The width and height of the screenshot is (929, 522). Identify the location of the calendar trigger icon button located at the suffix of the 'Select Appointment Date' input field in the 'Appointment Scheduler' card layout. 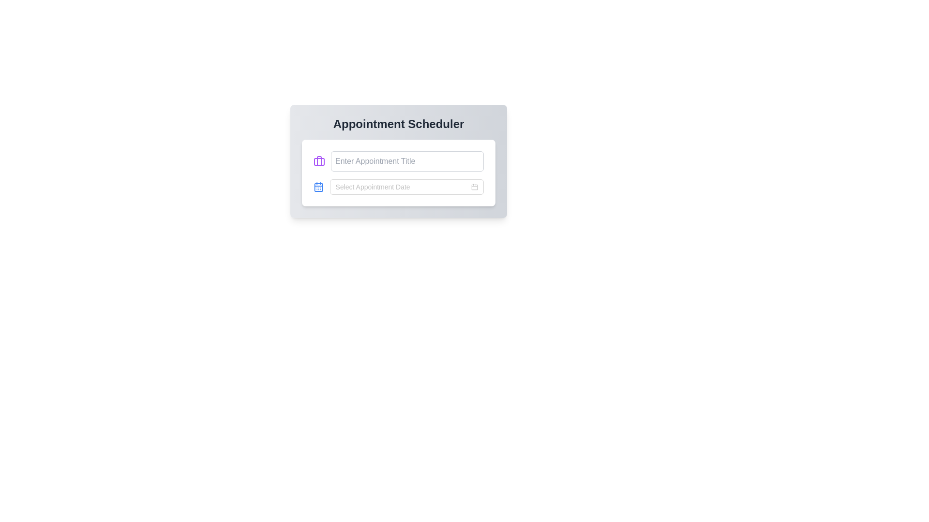
(474, 187).